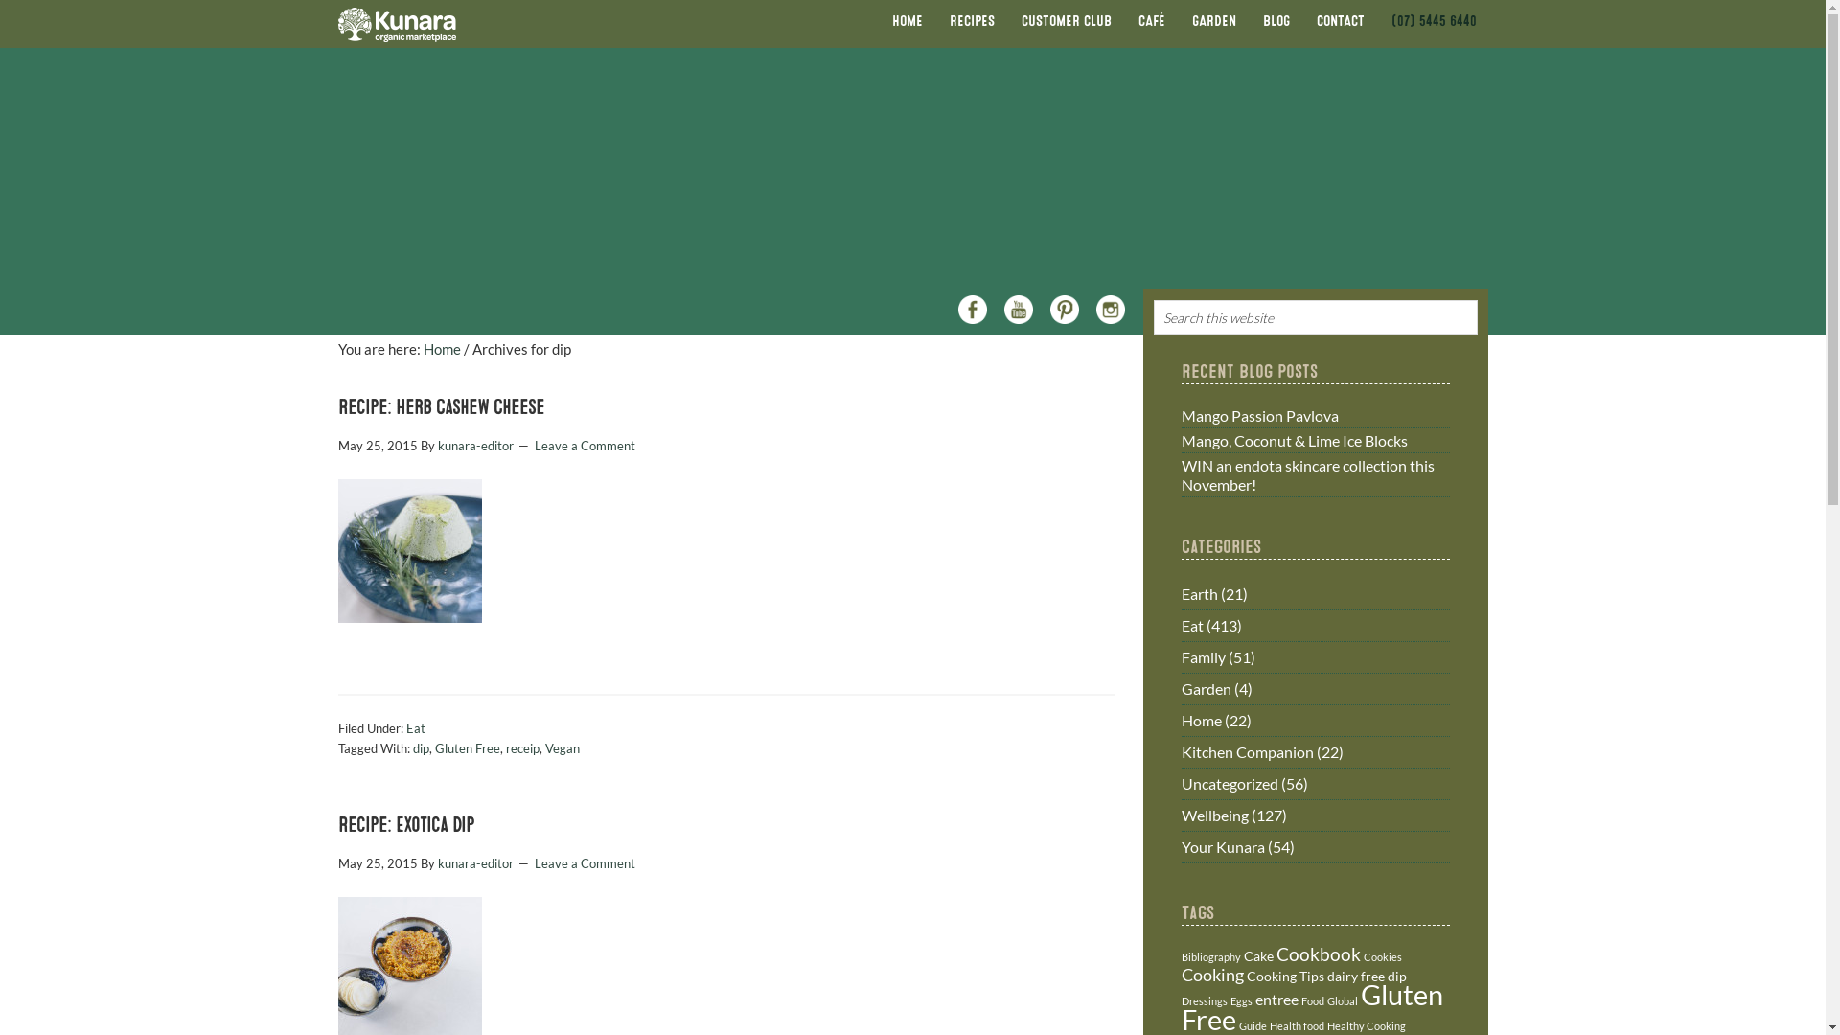 The image size is (1840, 1035). What do you see at coordinates (1180, 655) in the screenshot?
I see `'Family'` at bounding box center [1180, 655].